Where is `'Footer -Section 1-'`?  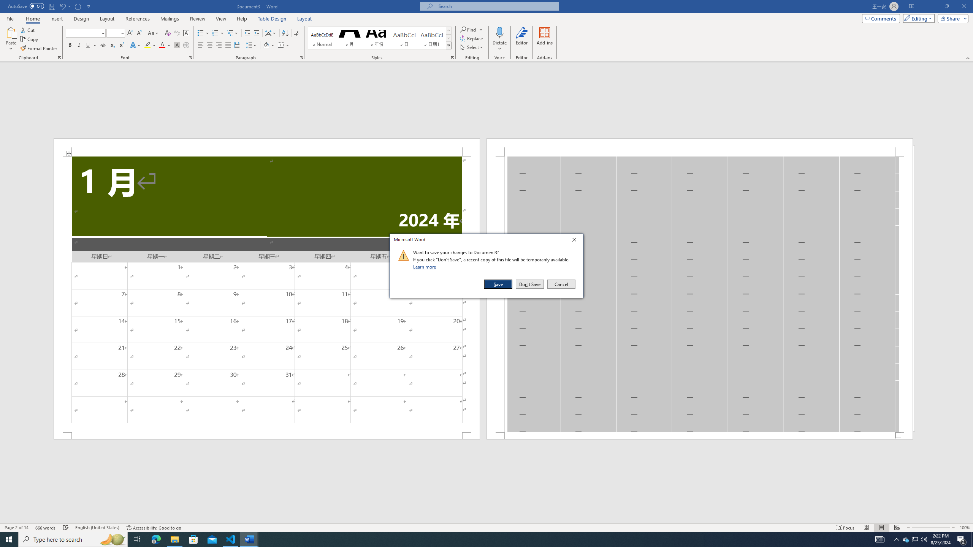 'Footer -Section 1-' is located at coordinates (699, 435).